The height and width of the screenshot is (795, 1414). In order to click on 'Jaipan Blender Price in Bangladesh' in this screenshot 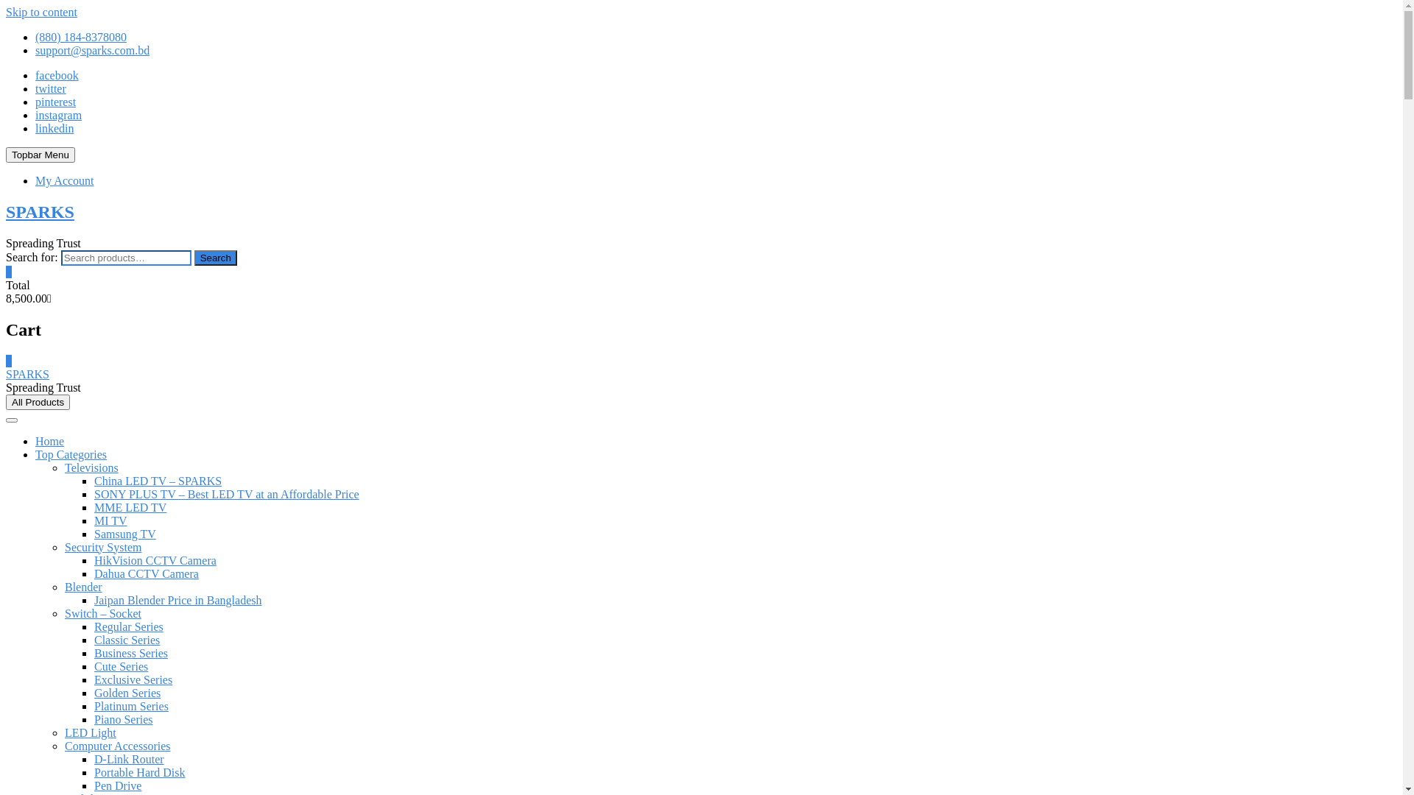, I will do `click(177, 600)`.